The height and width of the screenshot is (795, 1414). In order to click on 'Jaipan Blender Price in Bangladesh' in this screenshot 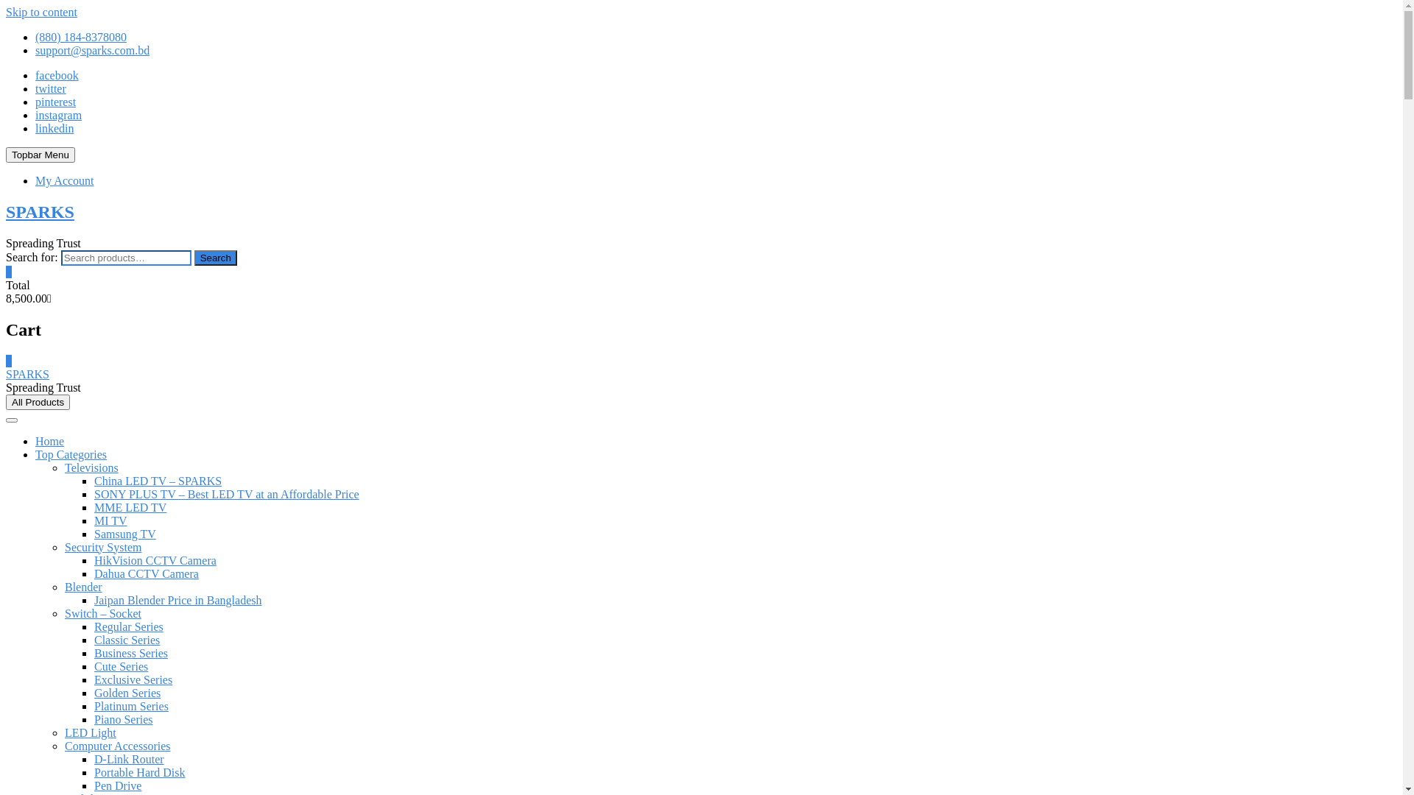, I will do `click(177, 600)`.